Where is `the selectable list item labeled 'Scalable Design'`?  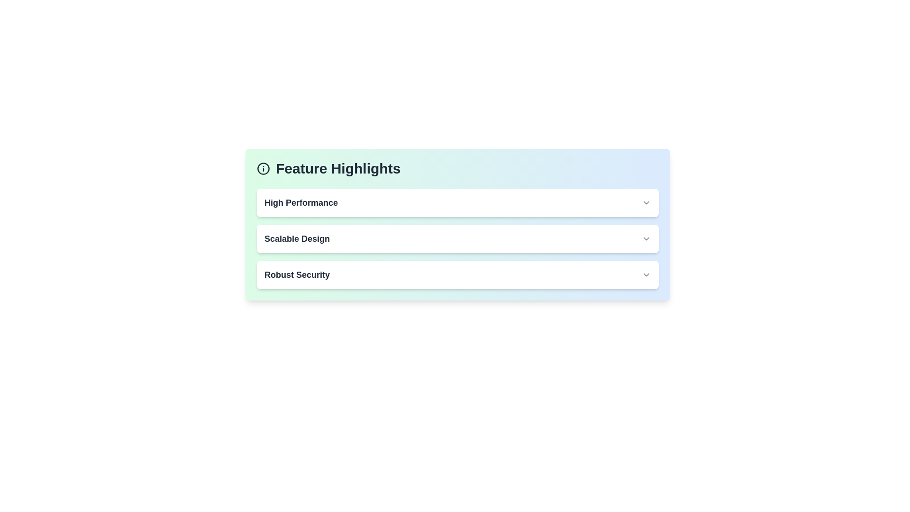 the selectable list item labeled 'Scalable Design' is located at coordinates (457, 238).